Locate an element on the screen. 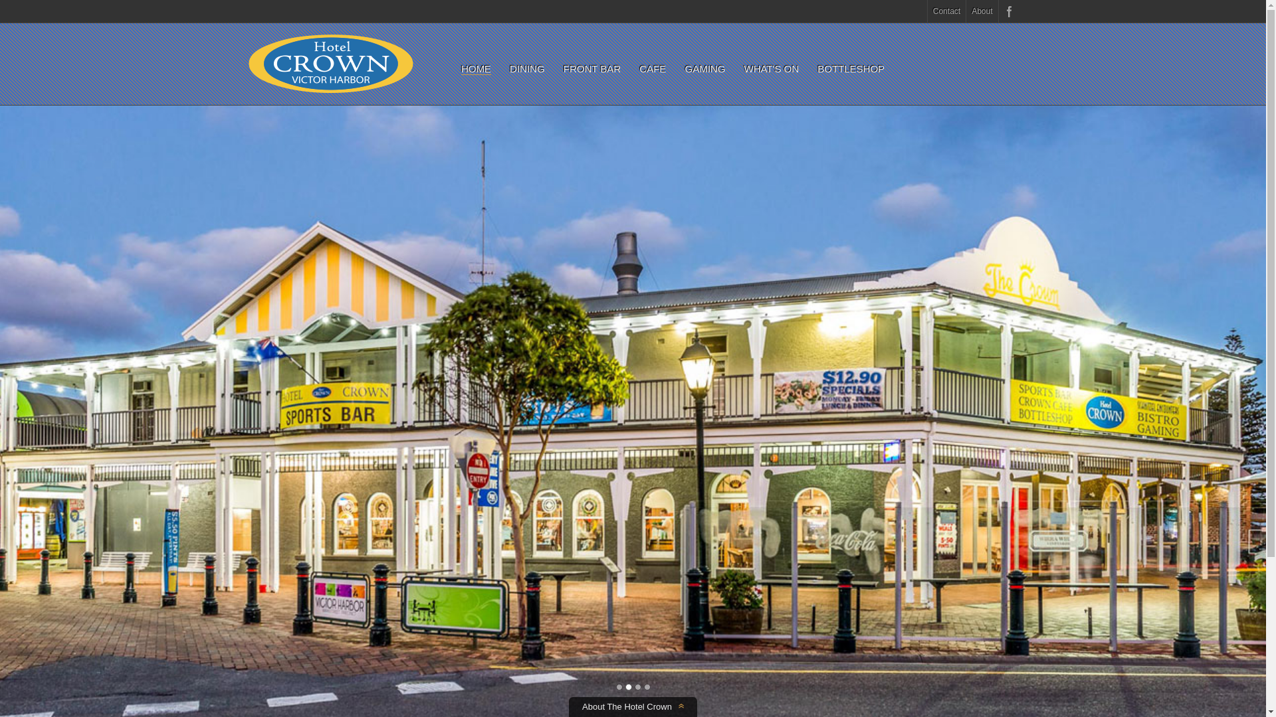 This screenshot has height=717, width=1276. 'BOTTLESHOP' is located at coordinates (816, 68).